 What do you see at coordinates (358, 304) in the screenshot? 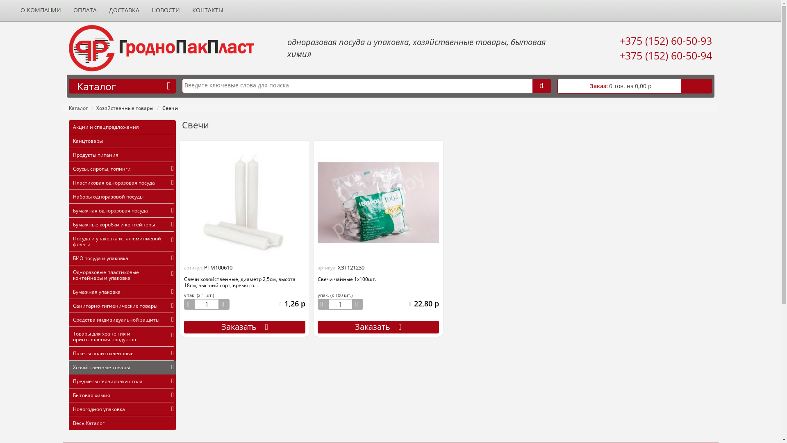
I see `'+'` at bounding box center [358, 304].